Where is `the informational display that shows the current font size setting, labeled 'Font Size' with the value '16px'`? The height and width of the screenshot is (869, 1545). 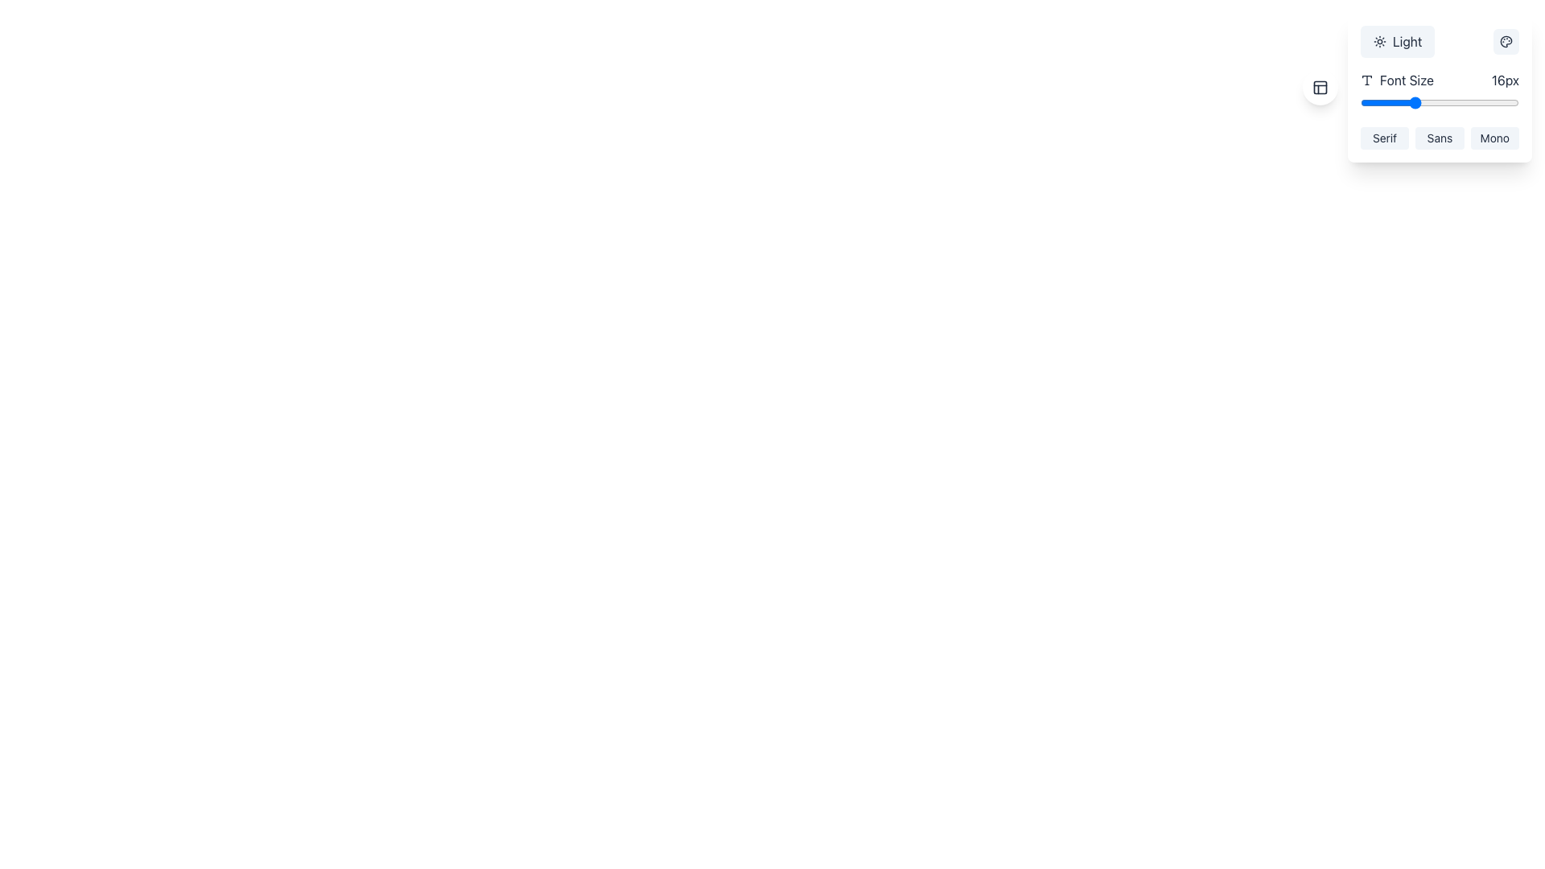
the informational display that shows the current font size setting, labeled 'Font Size' with the value '16px' is located at coordinates (1440, 80).